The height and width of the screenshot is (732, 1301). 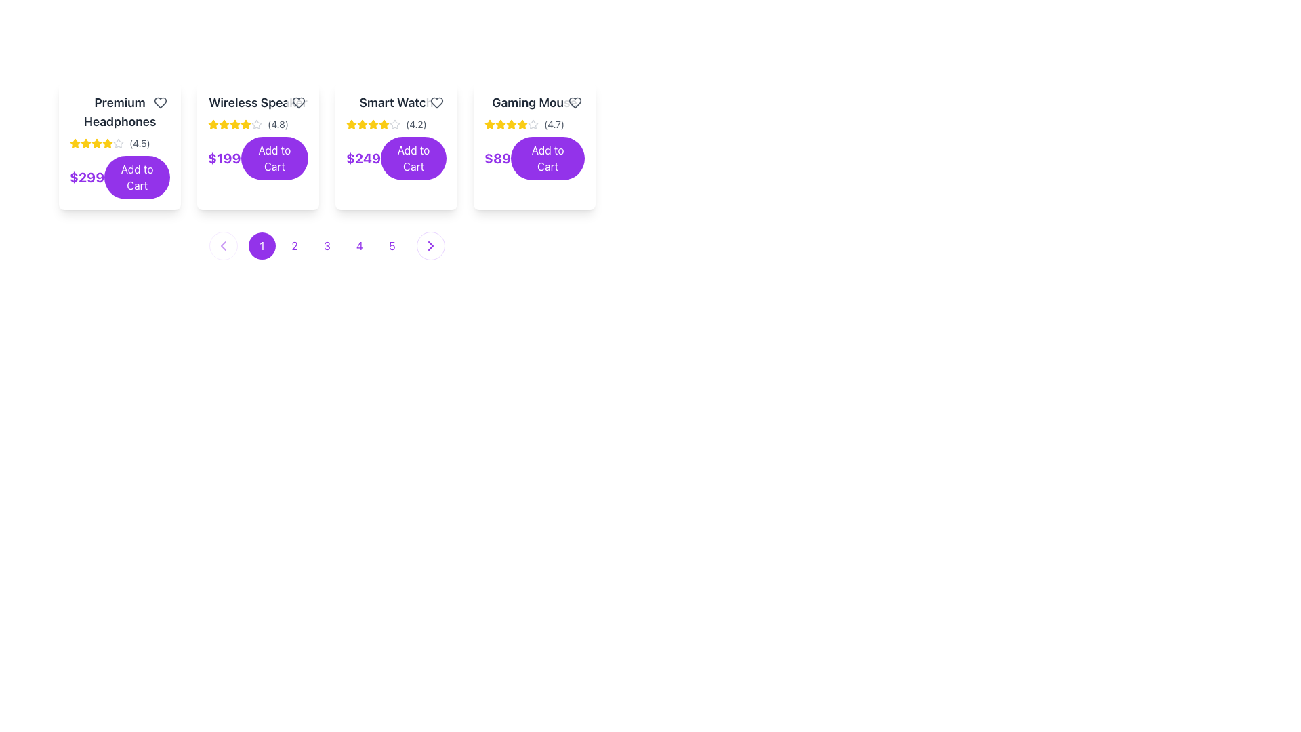 What do you see at coordinates (224, 125) in the screenshot?
I see `the third yellow star icon in the rating system of the 'Wireless Speaker' card to interact with the rating system` at bounding box center [224, 125].